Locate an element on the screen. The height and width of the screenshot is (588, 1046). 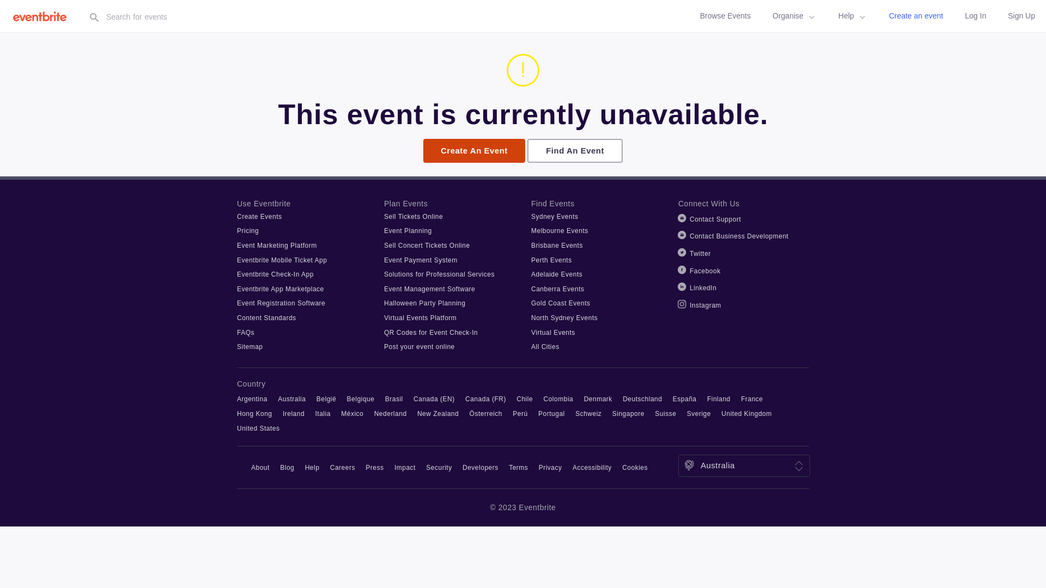
'FAQs' is located at coordinates (245, 332).